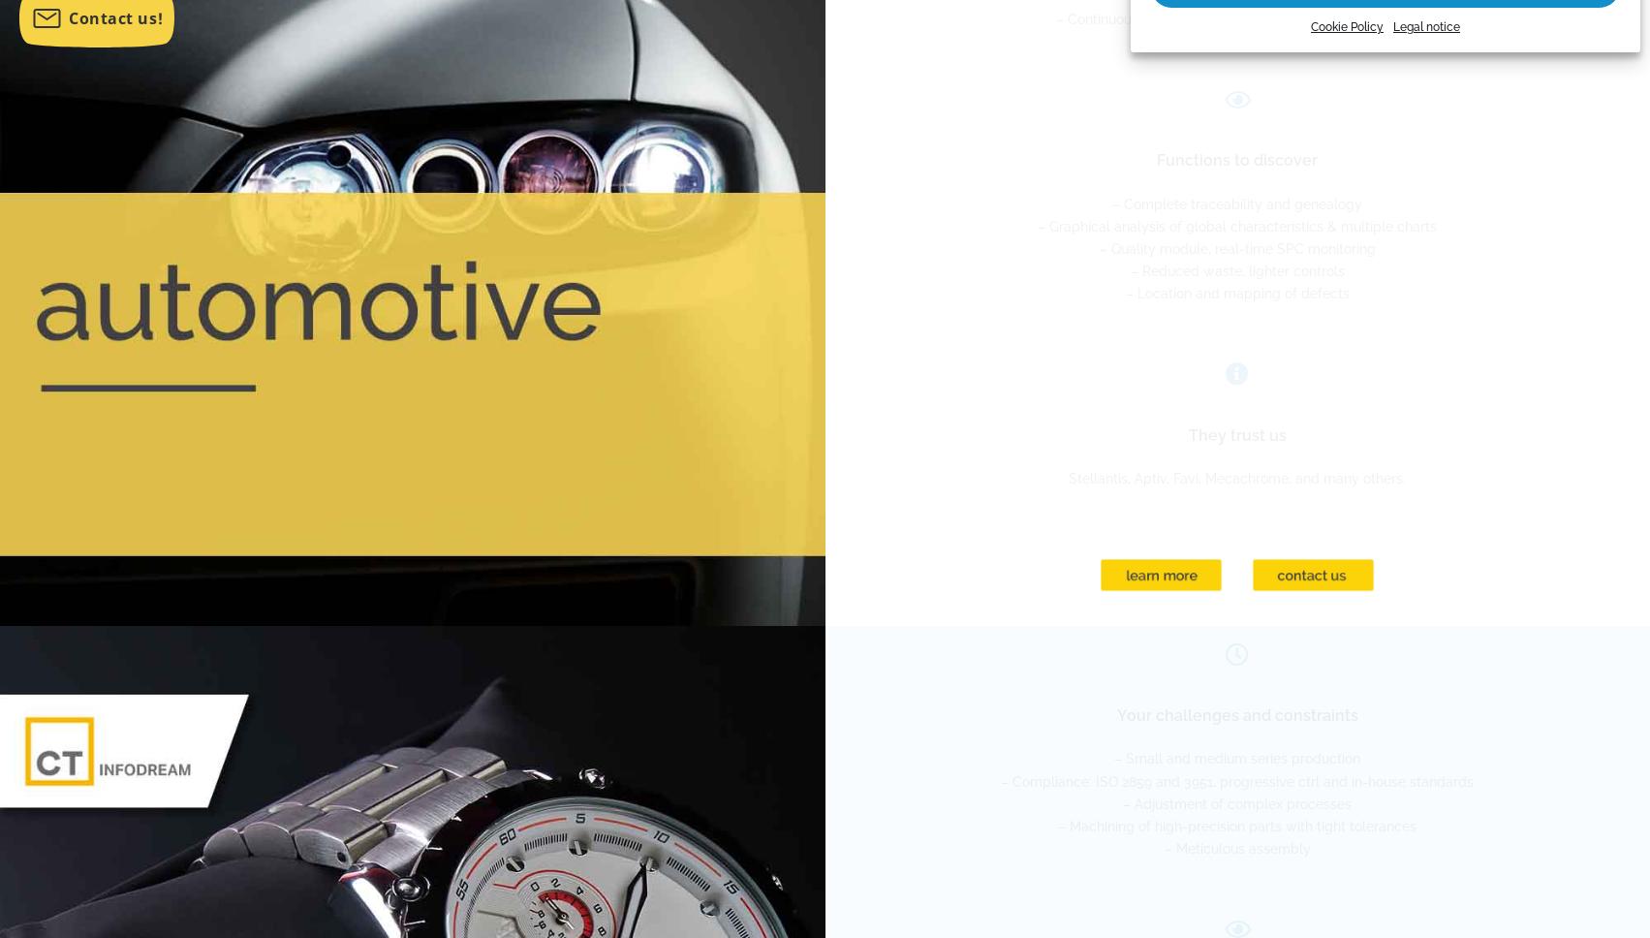 The height and width of the screenshot is (938, 1650). I want to click on 'They trust us', so click(1235, 433).